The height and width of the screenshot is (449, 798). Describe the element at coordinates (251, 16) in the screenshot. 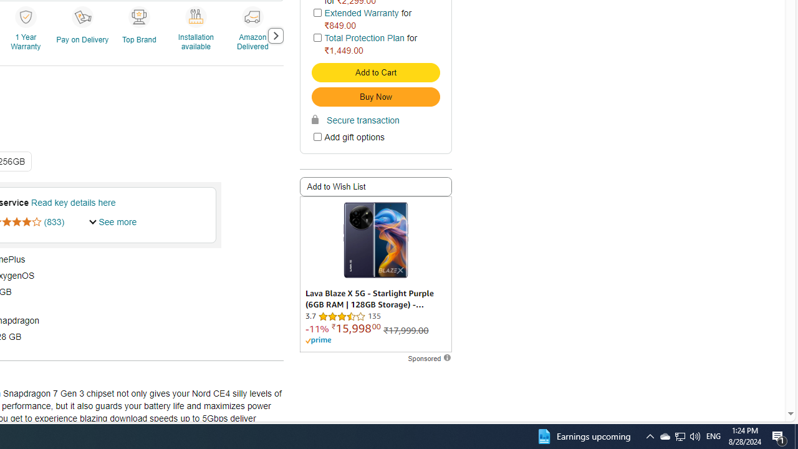

I see `'Amazon Delivered'` at that location.